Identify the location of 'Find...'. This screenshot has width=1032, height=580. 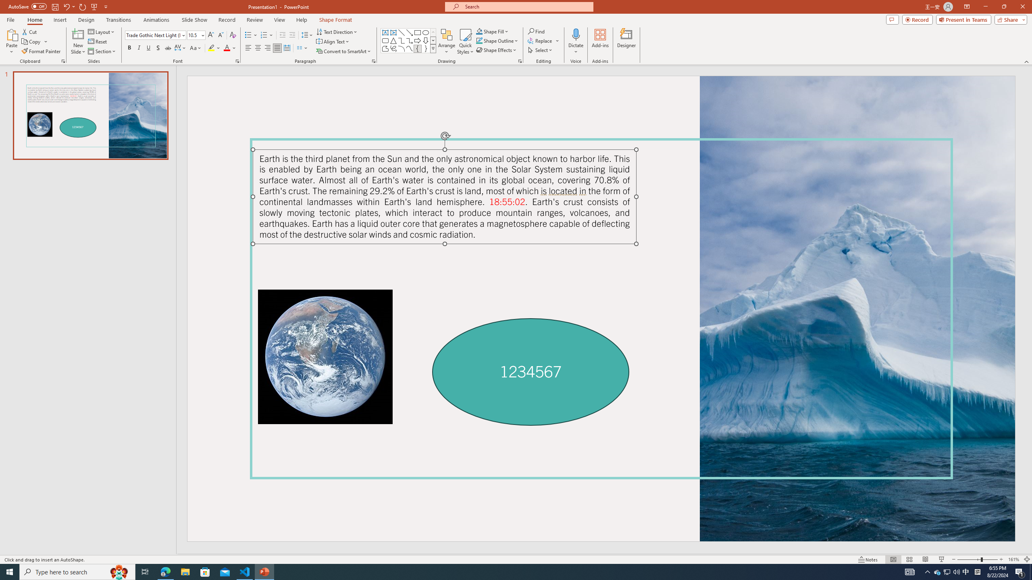
(536, 31).